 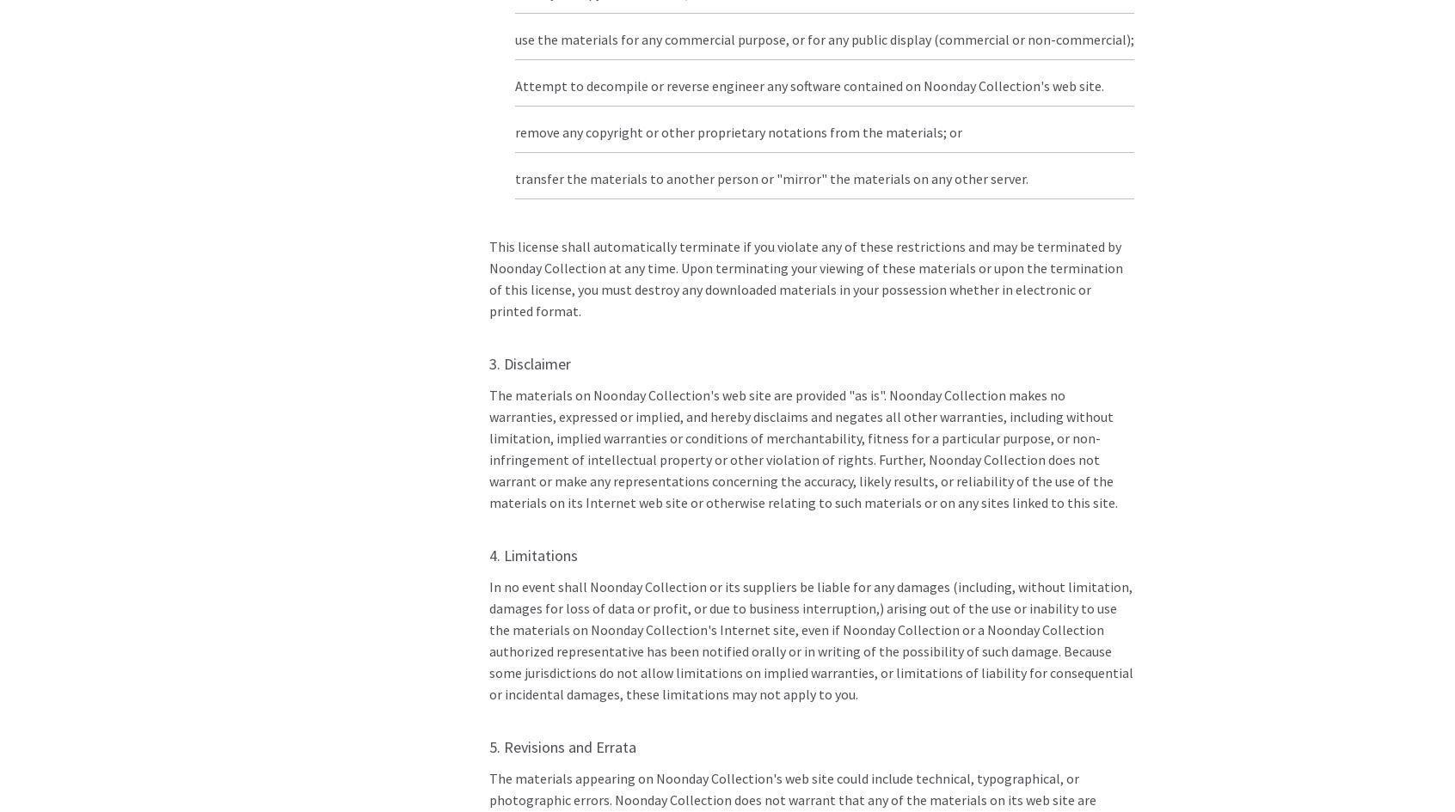 What do you see at coordinates (737, 132) in the screenshot?
I see `'remove any copyright or other proprietary notations from the materials; or'` at bounding box center [737, 132].